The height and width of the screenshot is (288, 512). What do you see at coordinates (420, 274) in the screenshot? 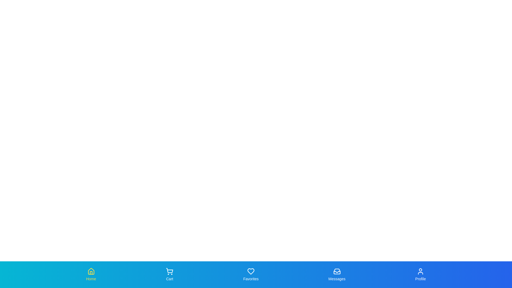
I see `the tab labeled Profile by clicking on it` at bounding box center [420, 274].